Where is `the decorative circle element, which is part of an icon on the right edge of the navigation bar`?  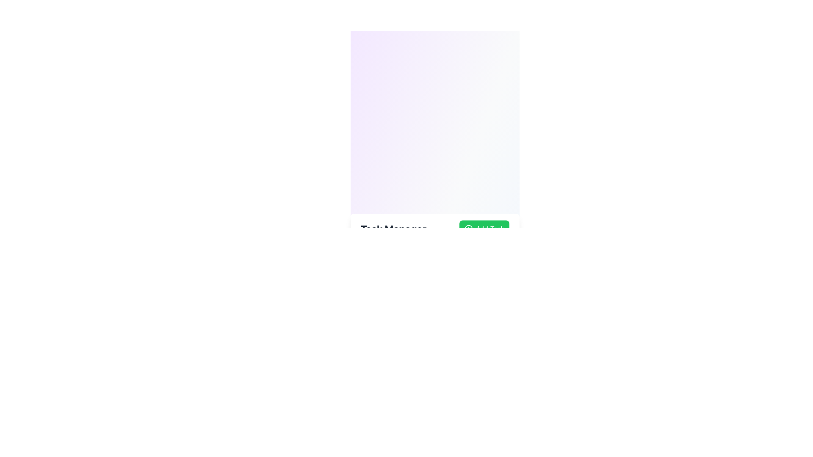
the decorative circle element, which is part of an icon on the right edge of the navigation bar is located at coordinates (468, 228).